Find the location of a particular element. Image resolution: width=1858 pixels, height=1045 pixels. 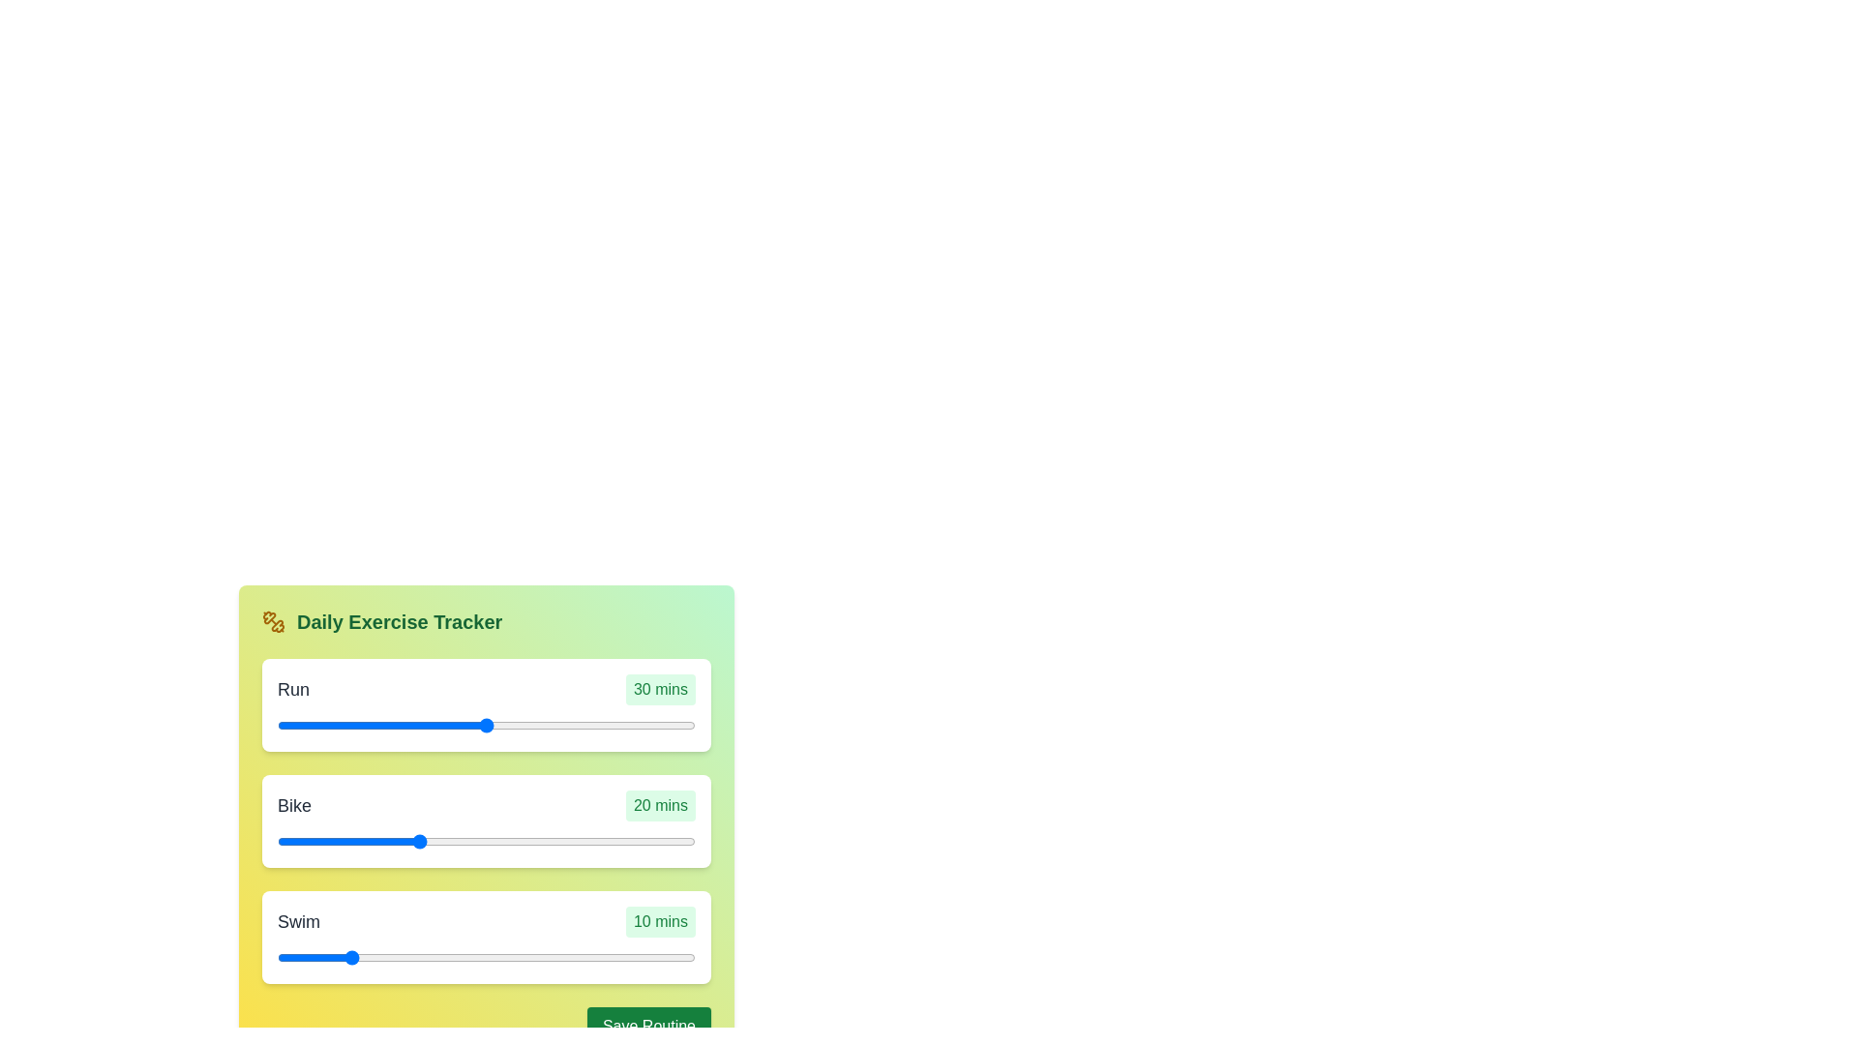

the duration of the 0 slider to 1 minutes is located at coordinates (490, 725).